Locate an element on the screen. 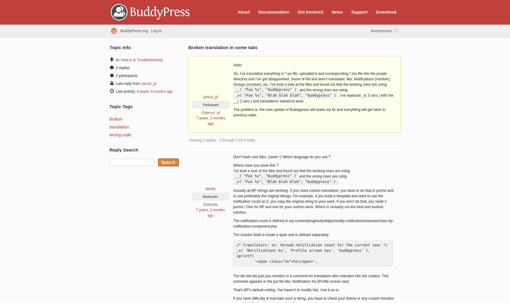 The width and height of the screenshot is (510, 303). 'So, I’ve translated everything in *.po file, uploaded it and corresponding *.mo file into the proper directory and I’ve got disappointed. Some of the text aren’t translated, like: Notifications (number), Groups (number), etc. I’ve took a look at the files and found out that the working ones are using' is located at coordinates (312, 79).